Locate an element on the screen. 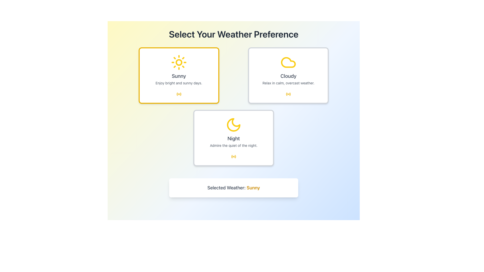 The height and width of the screenshot is (272, 484). the crescent moon icon representing the 'Night' weather preference option to receive feedback is located at coordinates (233, 125).